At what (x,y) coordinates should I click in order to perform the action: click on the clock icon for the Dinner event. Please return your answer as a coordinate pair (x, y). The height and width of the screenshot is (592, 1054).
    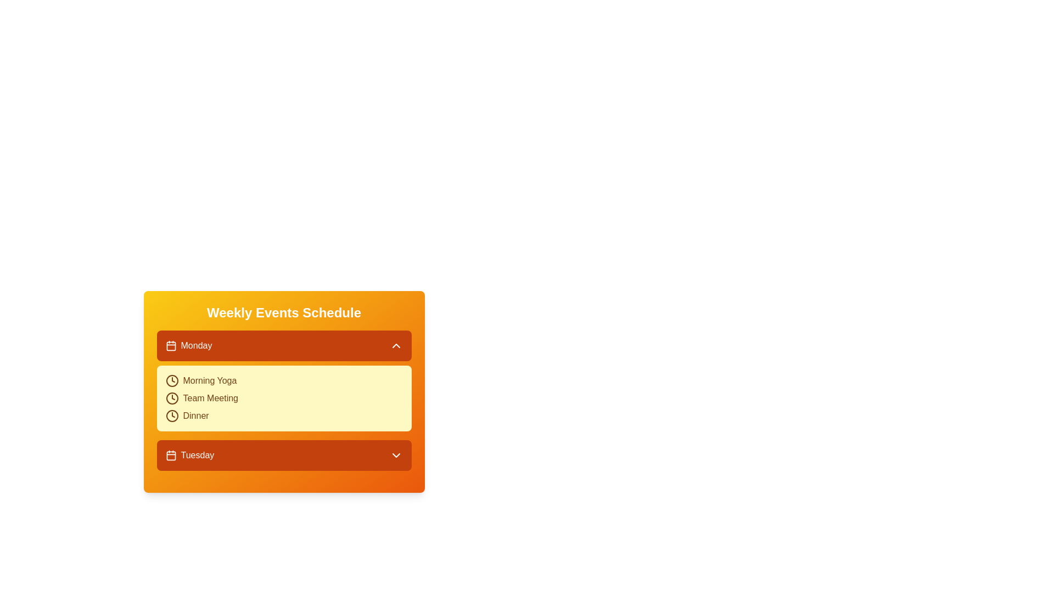
    Looking at the image, I should click on (171, 416).